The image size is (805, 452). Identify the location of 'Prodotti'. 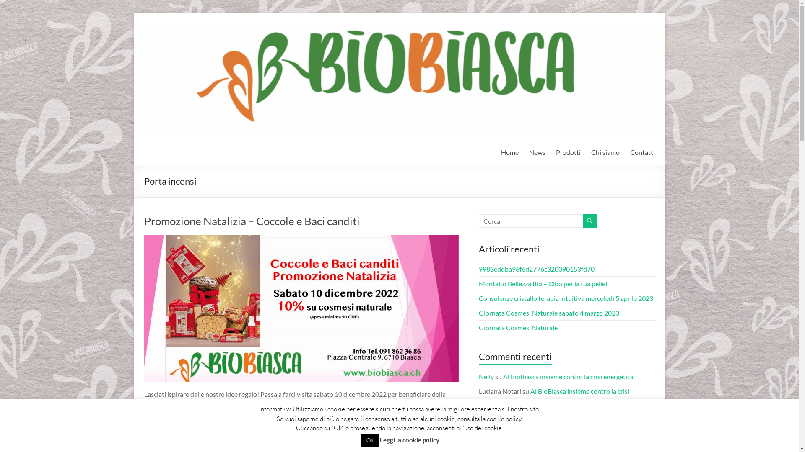
(568, 152).